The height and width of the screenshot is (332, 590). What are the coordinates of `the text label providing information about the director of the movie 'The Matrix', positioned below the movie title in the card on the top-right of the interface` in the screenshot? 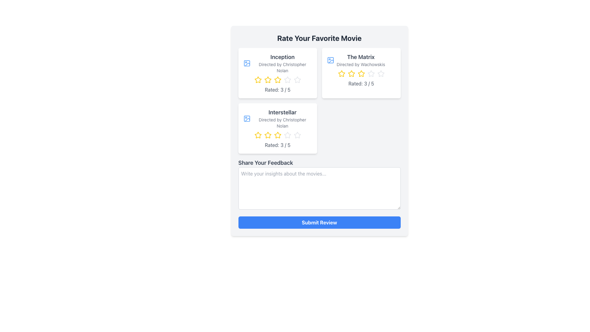 It's located at (361, 64).